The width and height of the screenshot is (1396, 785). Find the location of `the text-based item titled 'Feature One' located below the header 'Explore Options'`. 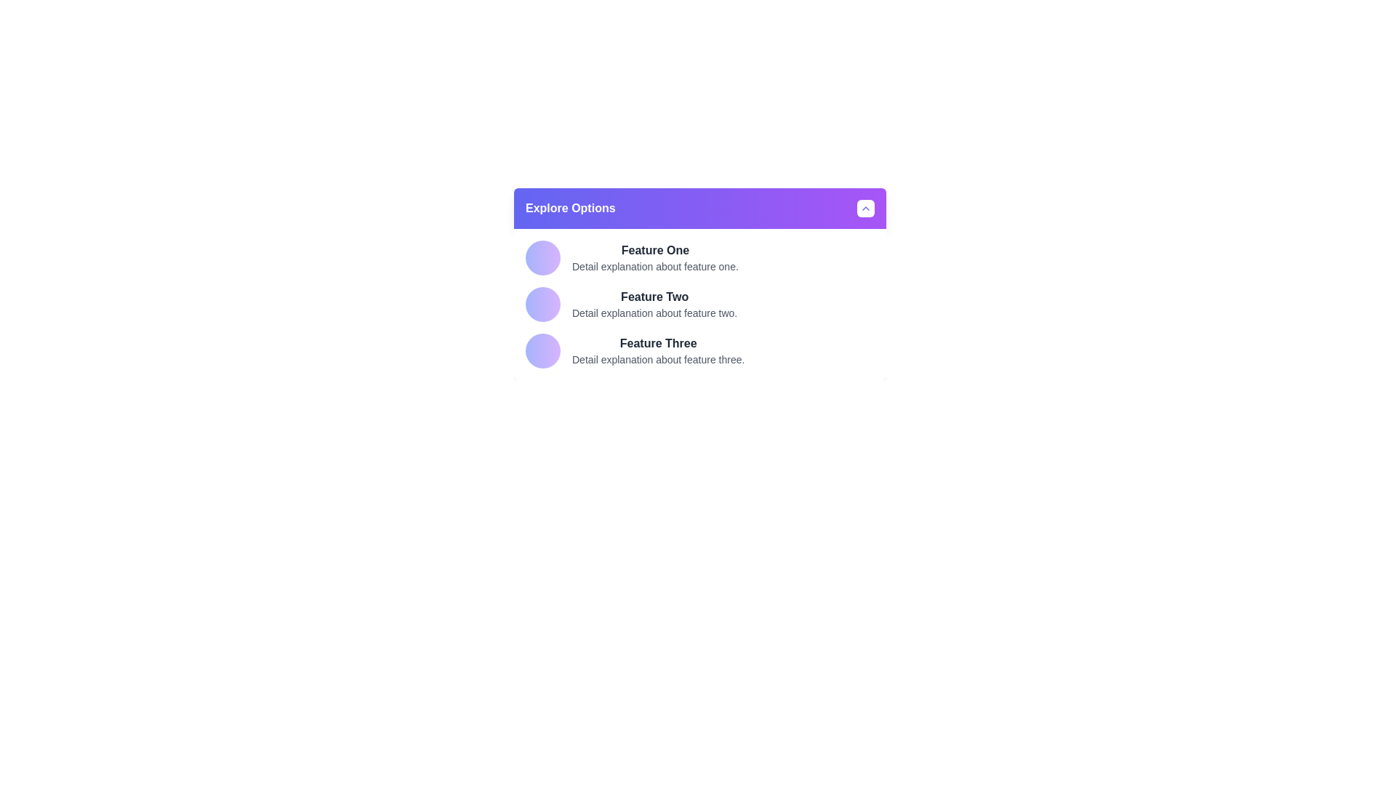

the text-based item titled 'Feature One' located below the header 'Explore Options' is located at coordinates (654, 257).